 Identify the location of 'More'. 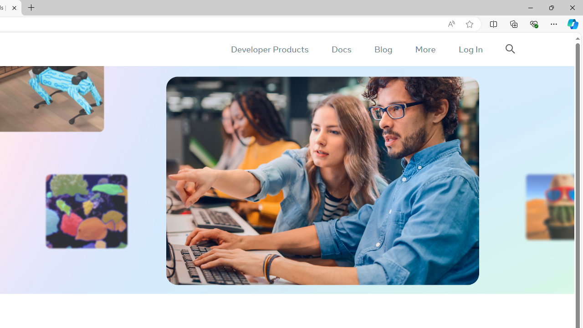
(424, 49).